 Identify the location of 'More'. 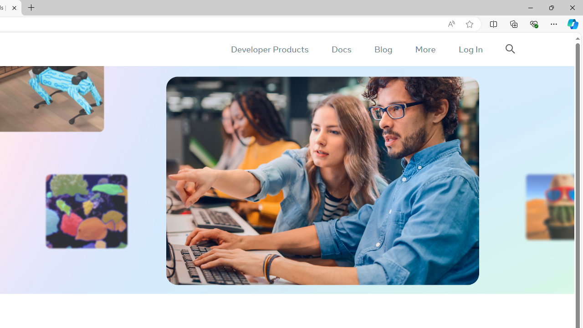
(424, 49).